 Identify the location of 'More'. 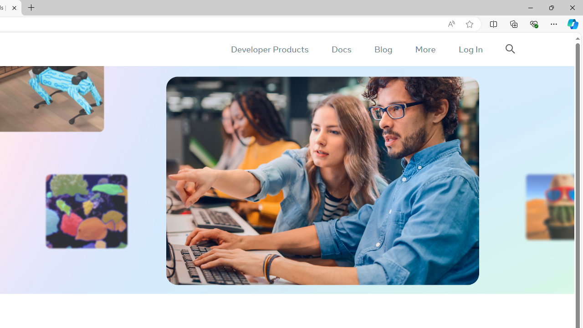
(424, 49).